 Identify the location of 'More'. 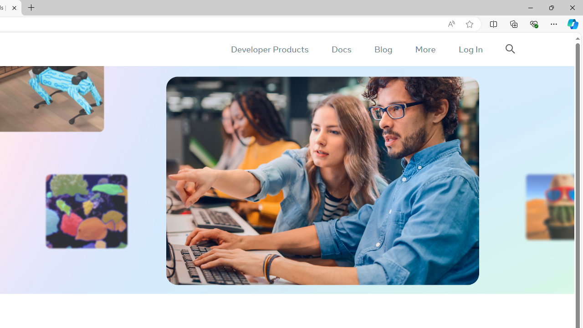
(424, 49).